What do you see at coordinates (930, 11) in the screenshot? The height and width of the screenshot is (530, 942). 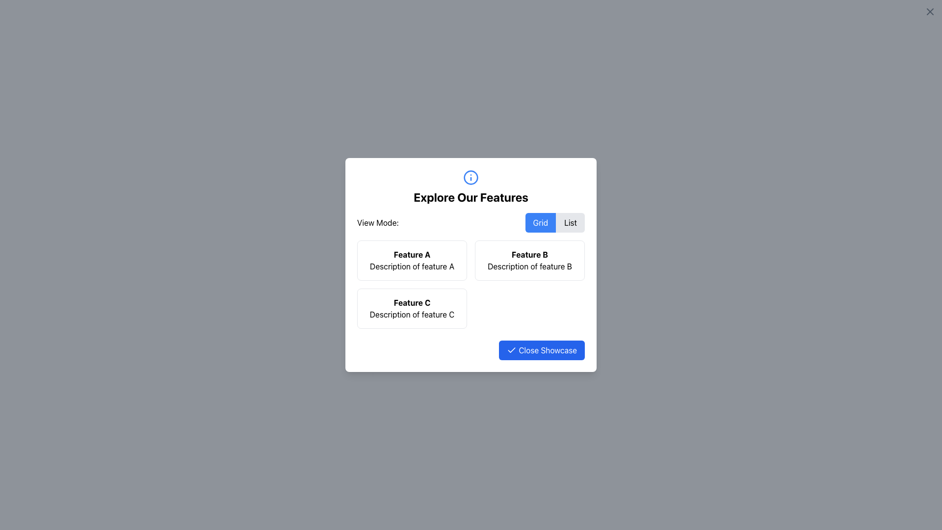 I see `the close button represented by a graphic icon (cross) located at the top-right corner of the interface` at bounding box center [930, 11].